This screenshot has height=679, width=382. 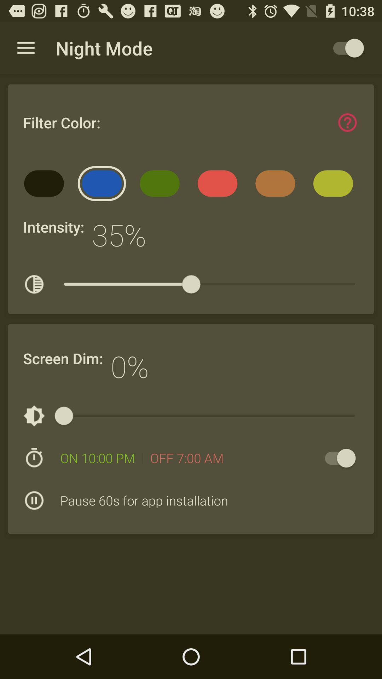 I want to click on the item below filter color: item, so click(x=46, y=186).